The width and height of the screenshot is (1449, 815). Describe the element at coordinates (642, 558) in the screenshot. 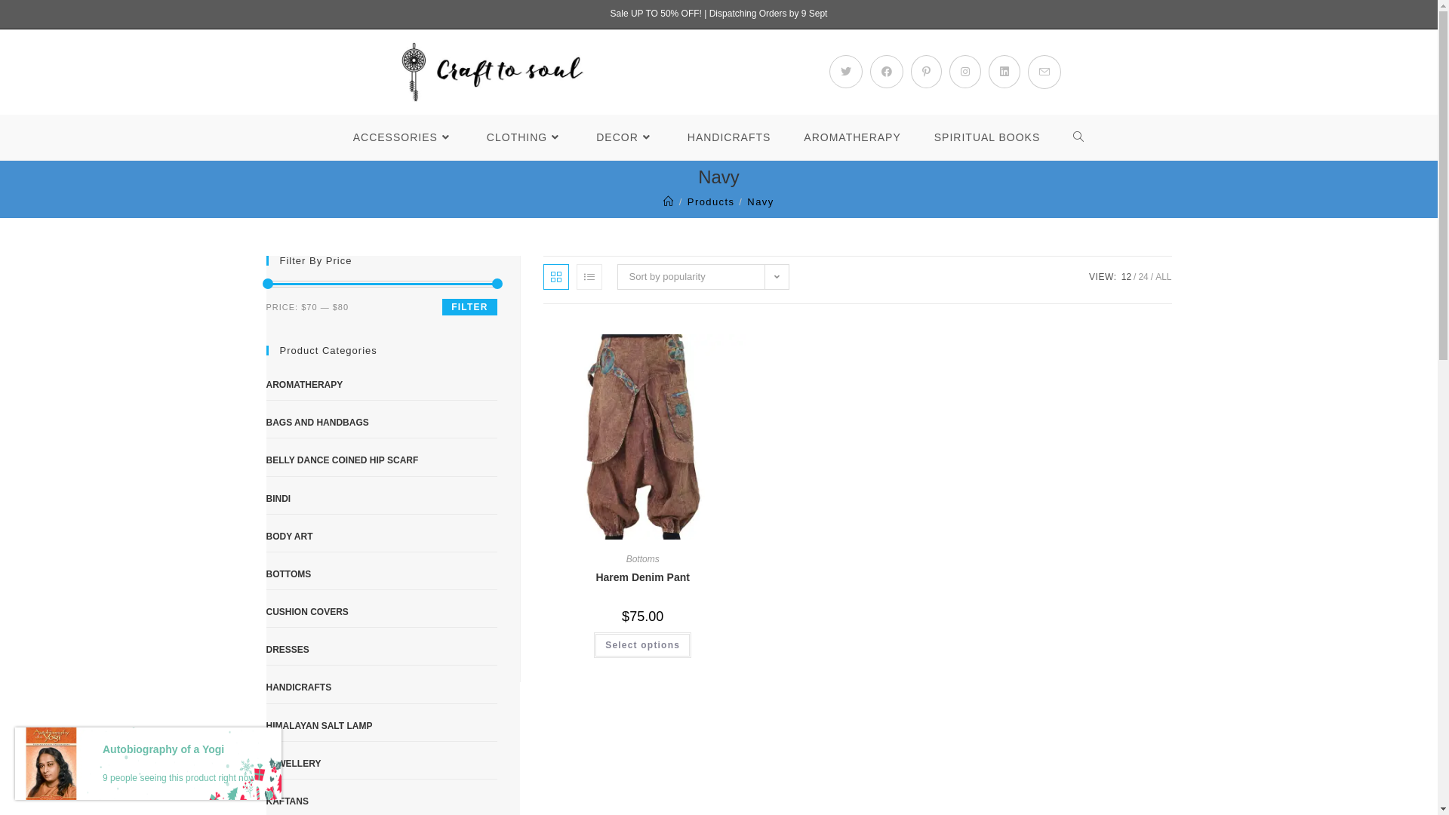

I see `'Bottoms'` at that location.